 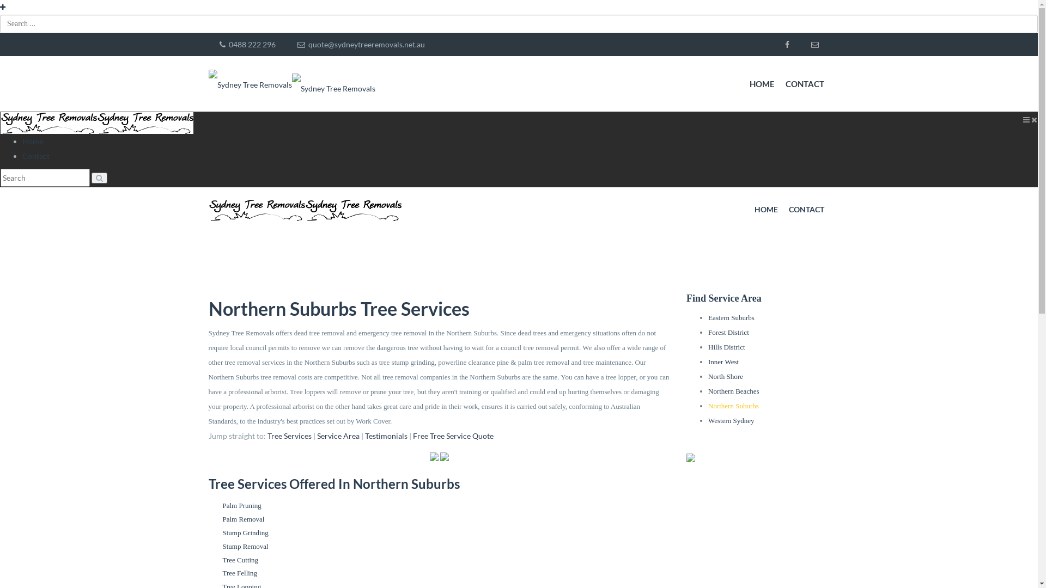 I want to click on 'Home', so click(x=32, y=140).